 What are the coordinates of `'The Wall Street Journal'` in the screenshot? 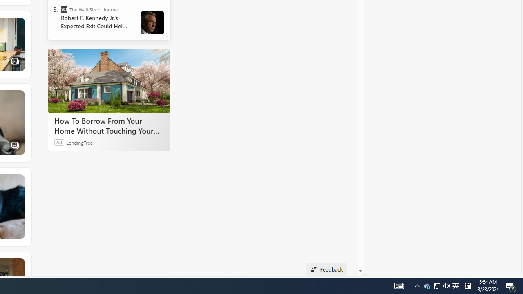 It's located at (63, 9).